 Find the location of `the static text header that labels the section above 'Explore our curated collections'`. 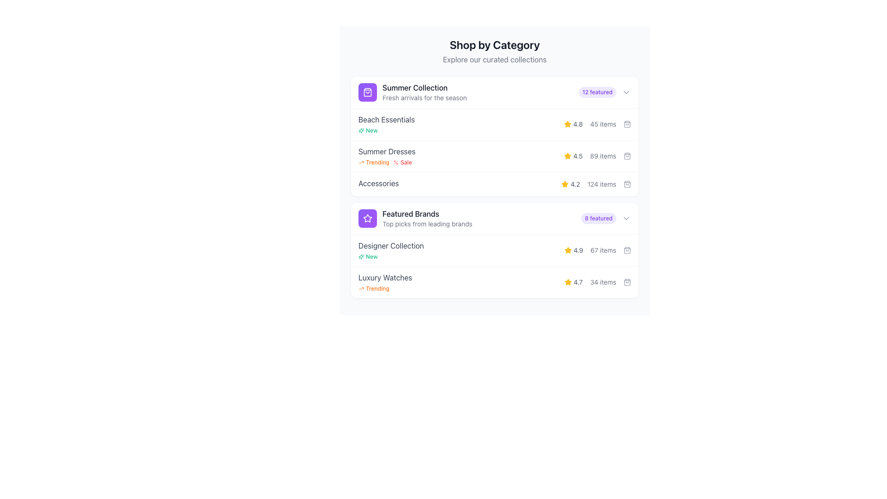

the static text header that labels the section above 'Explore our curated collections' is located at coordinates (494, 44).